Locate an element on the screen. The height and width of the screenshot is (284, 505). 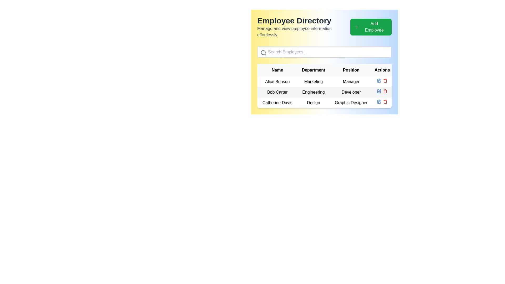
the Header or Title Text element, which serves as the main header indicating the content of the interface above the subtitle 'Manage and view employee information effortlessly.' is located at coordinates (304, 20).